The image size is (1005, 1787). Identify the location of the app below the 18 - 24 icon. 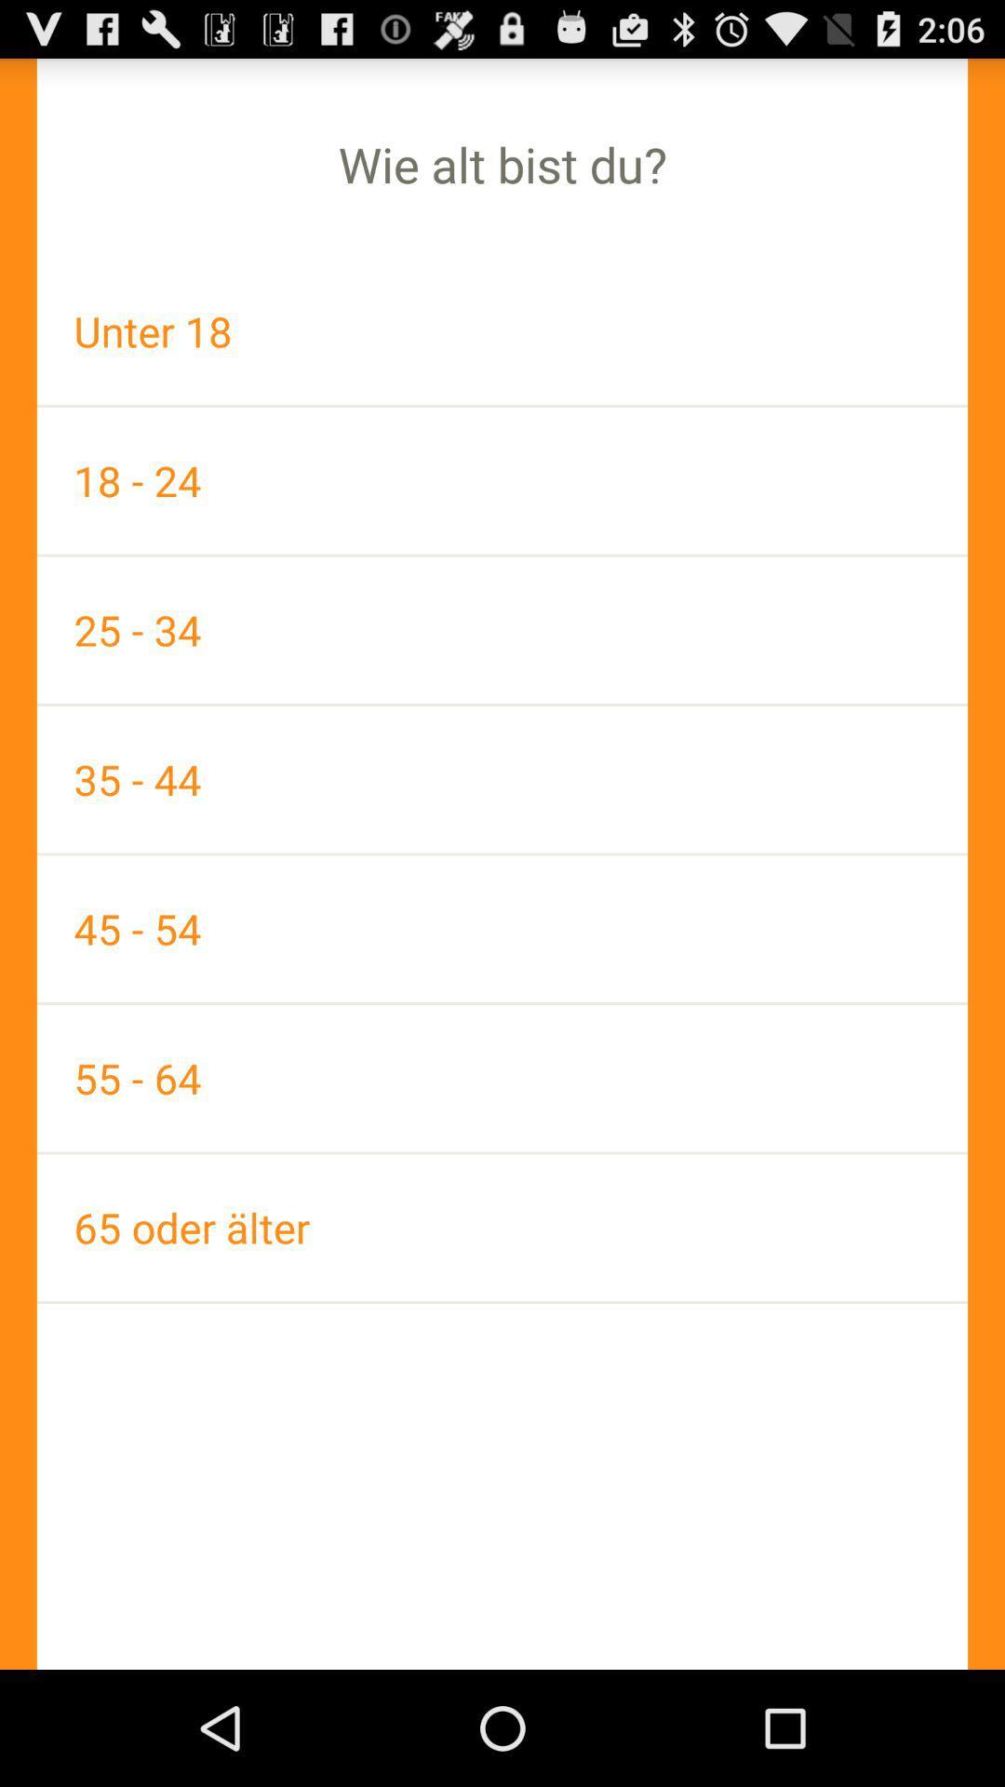
(502, 630).